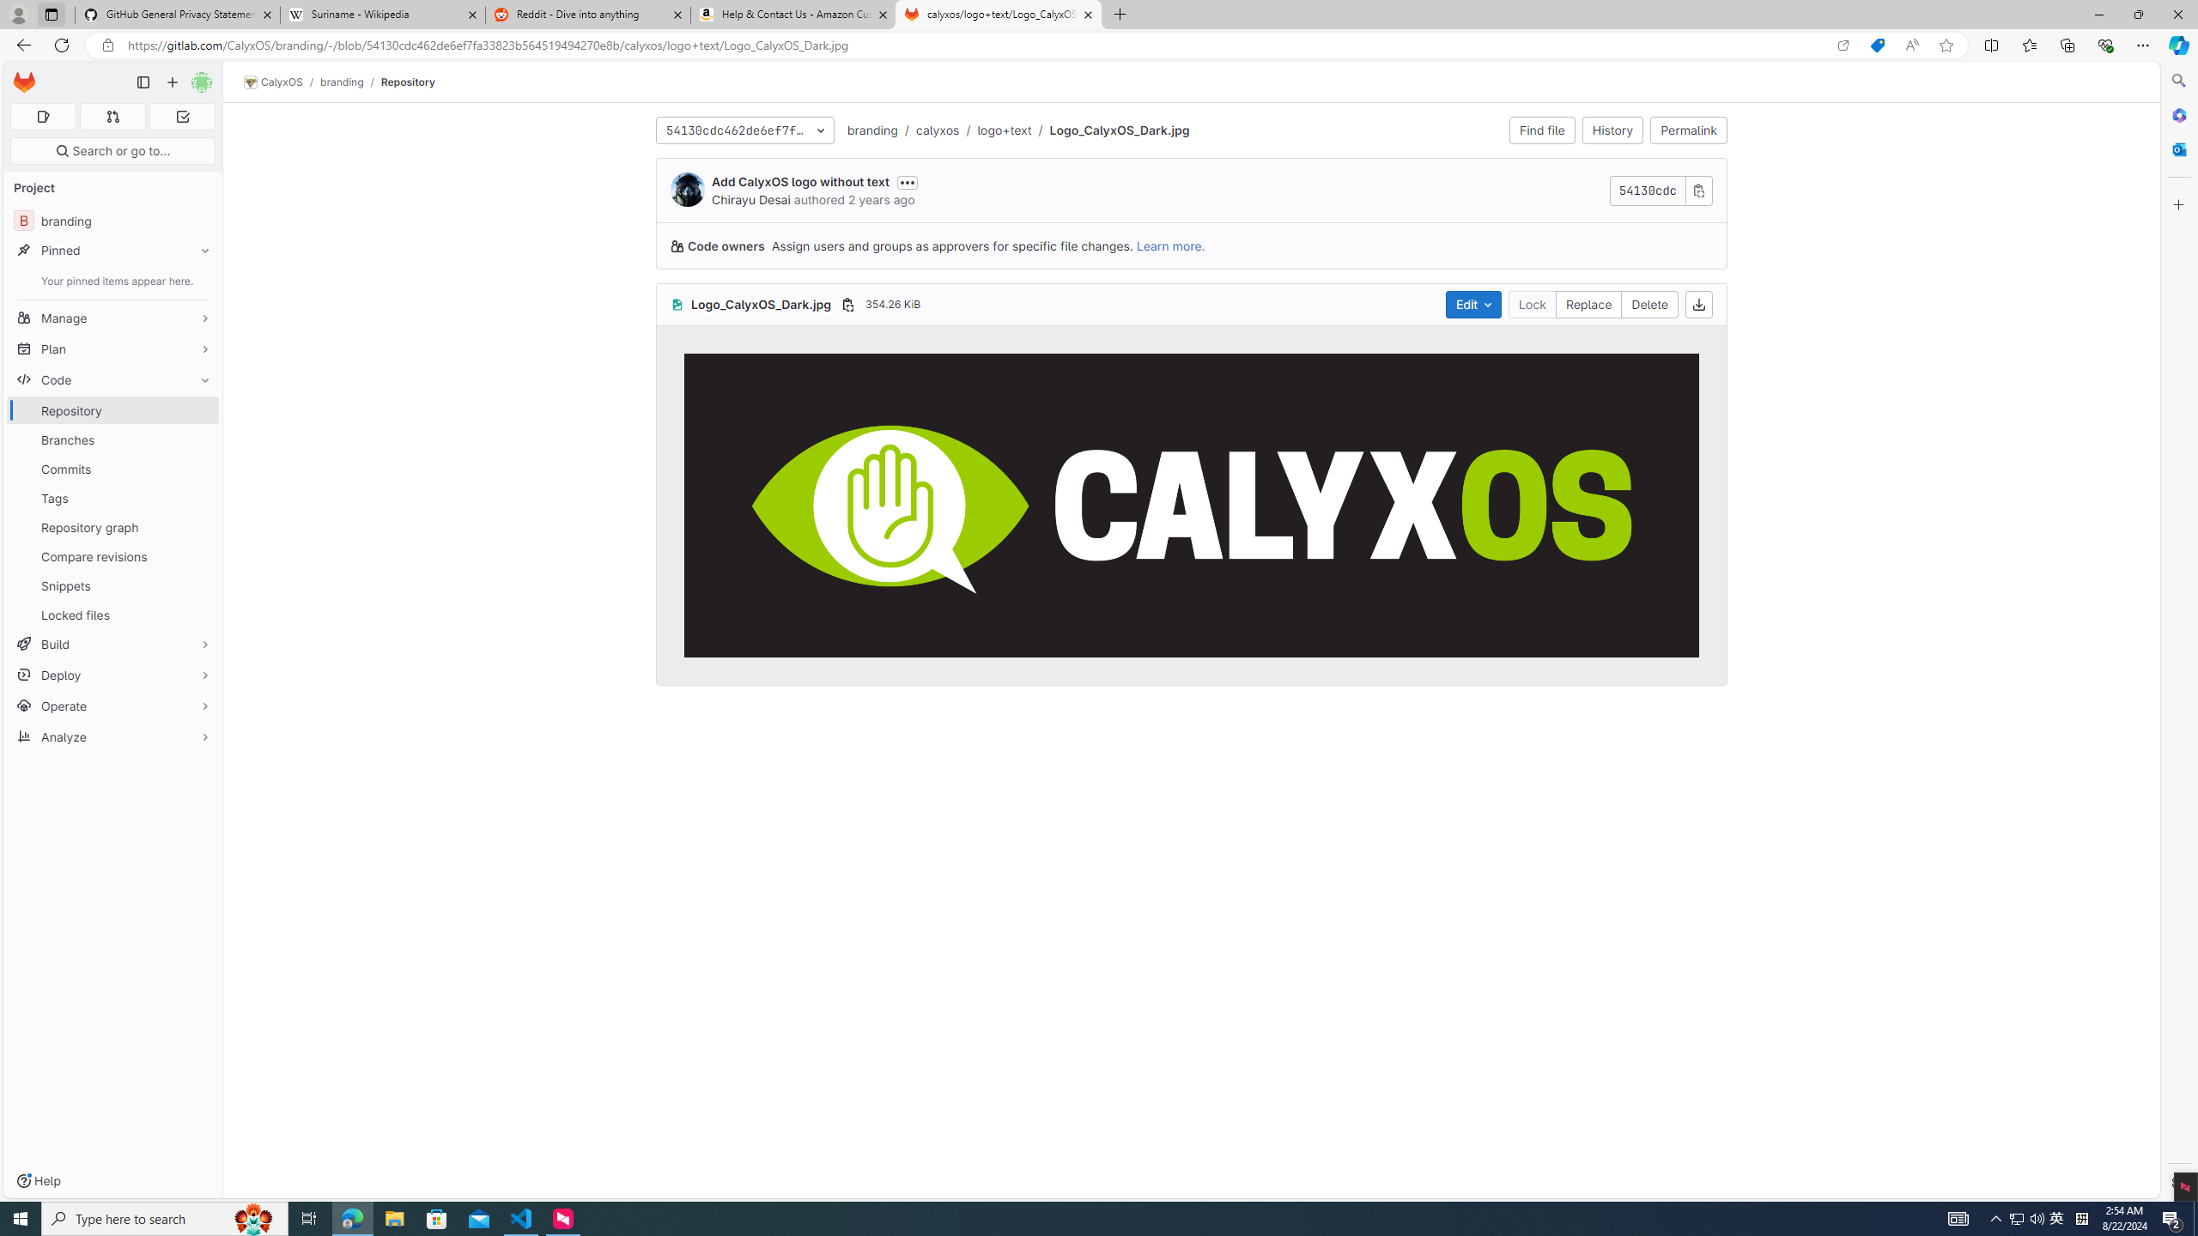 The image size is (2198, 1236). Describe the element at coordinates (994, 129) in the screenshot. I see `'/logo+text'` at that location.